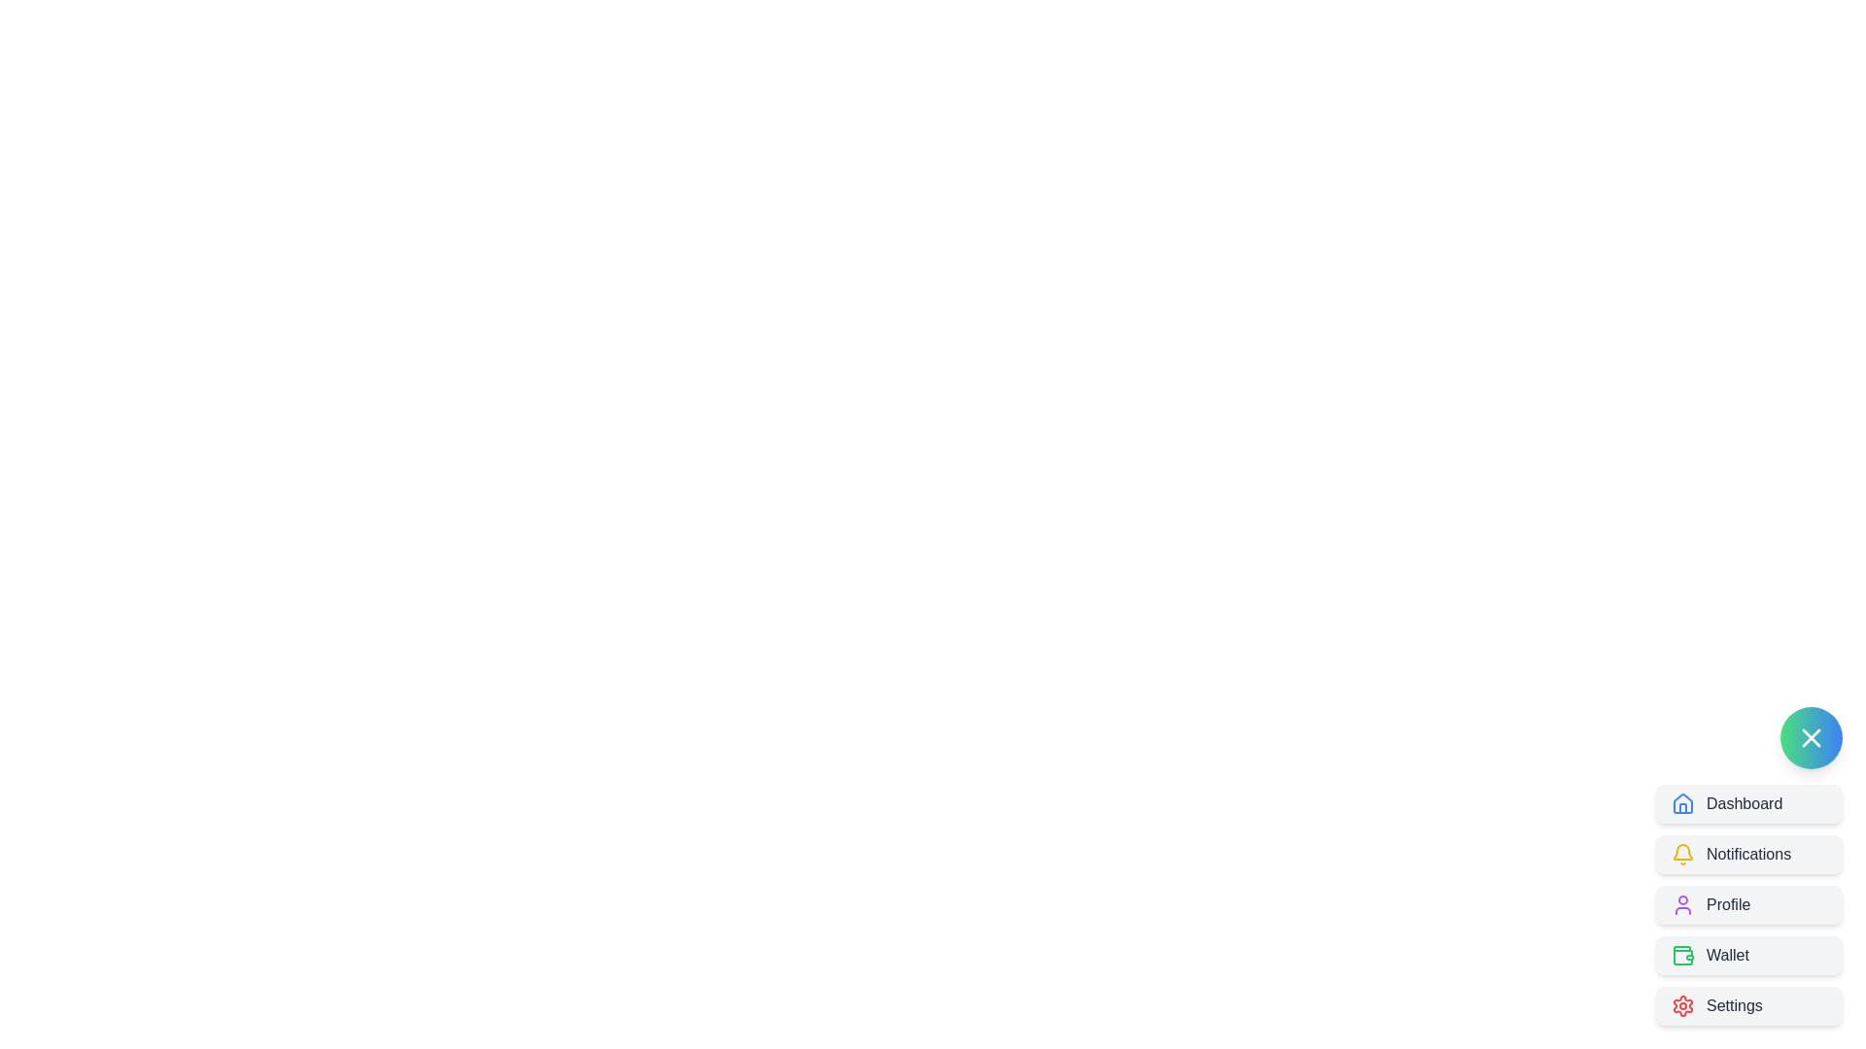 This screenshot has height=1049, width=1866. What do you see at coordinates (1682, 851) in the screenshot?
I see `the yellow bell icon with a hollow interior located next to the 'Notifications' label` at bounding box center [1682, 851].